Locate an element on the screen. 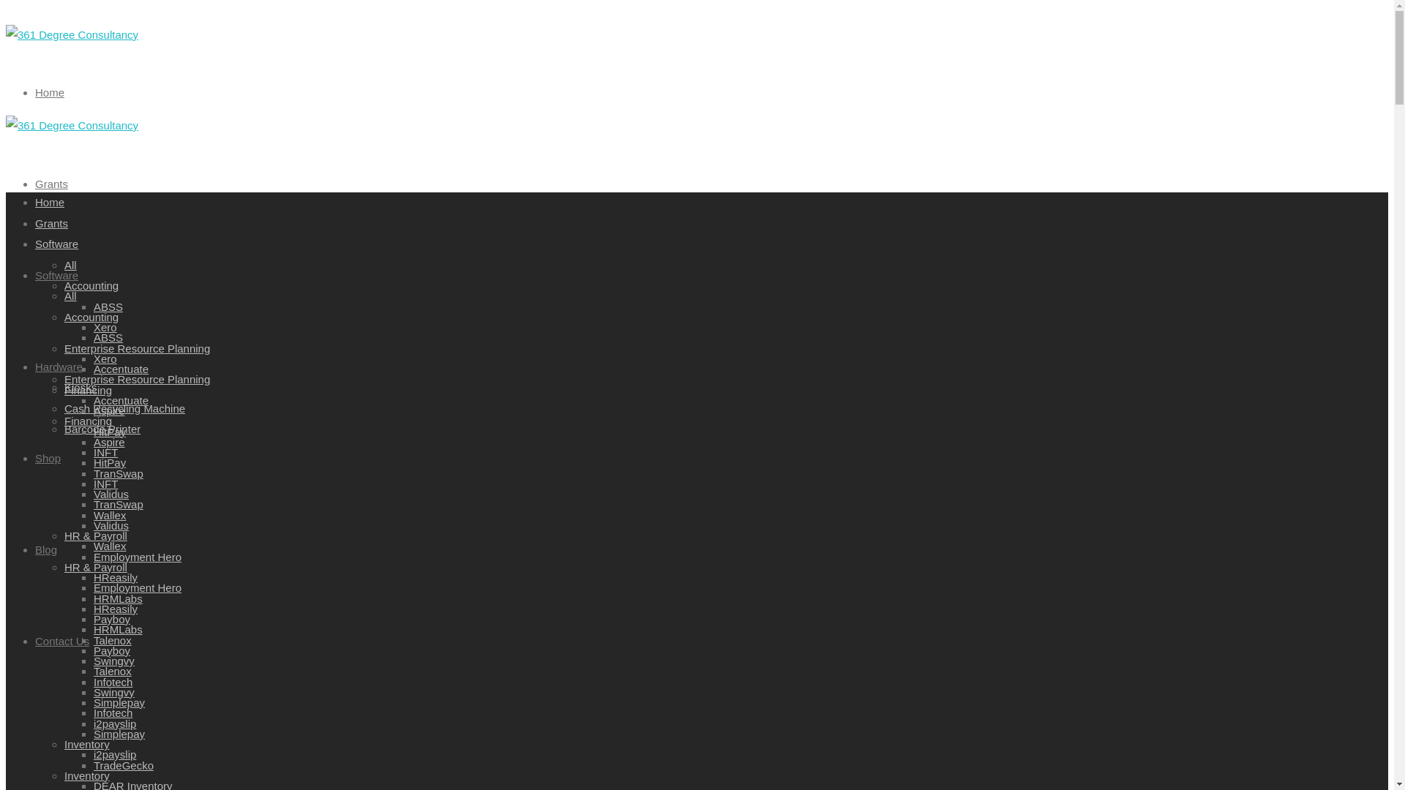 The width and height of the screenshot is (1405, 790). 'Swingvy' is located at coordinates (113, 661).